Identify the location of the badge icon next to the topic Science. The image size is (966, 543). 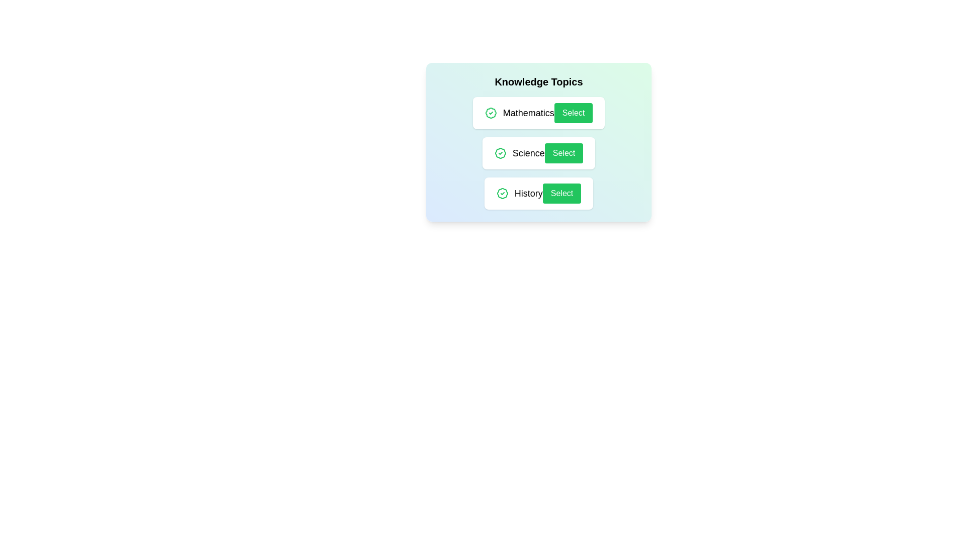
(500, 153).